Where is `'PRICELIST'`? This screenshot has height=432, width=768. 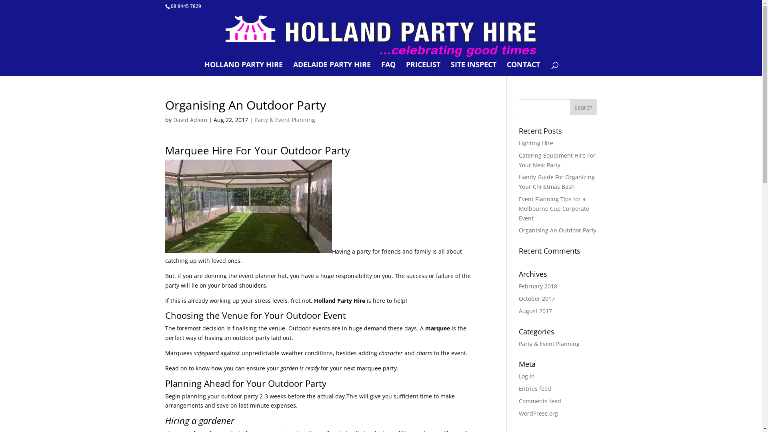
'PRICELIST' is located at coordinates (422, 68).